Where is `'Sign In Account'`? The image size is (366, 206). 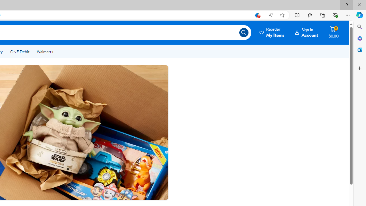
'Sign In Account' is located at coordinates (307, 32).